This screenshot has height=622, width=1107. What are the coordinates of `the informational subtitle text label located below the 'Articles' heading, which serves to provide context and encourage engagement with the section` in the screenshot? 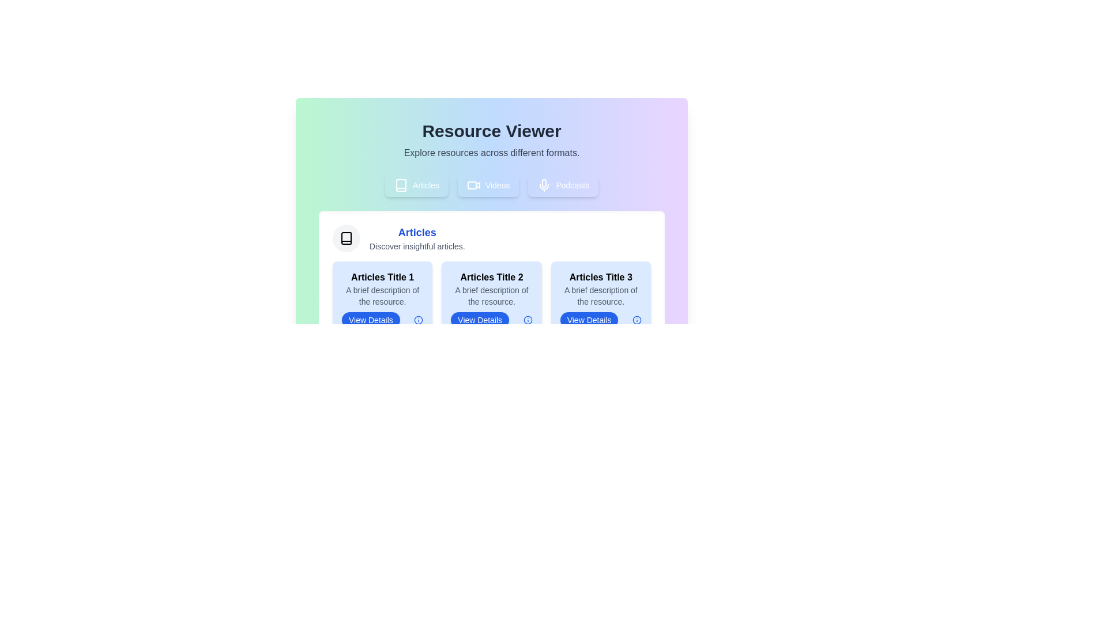 It's located at (416, 246).